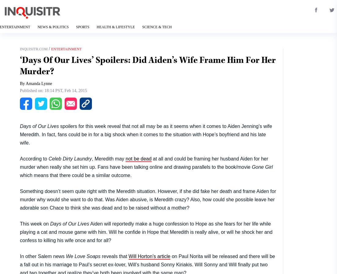  I want to click on 'reveals that', so click(114, 256).